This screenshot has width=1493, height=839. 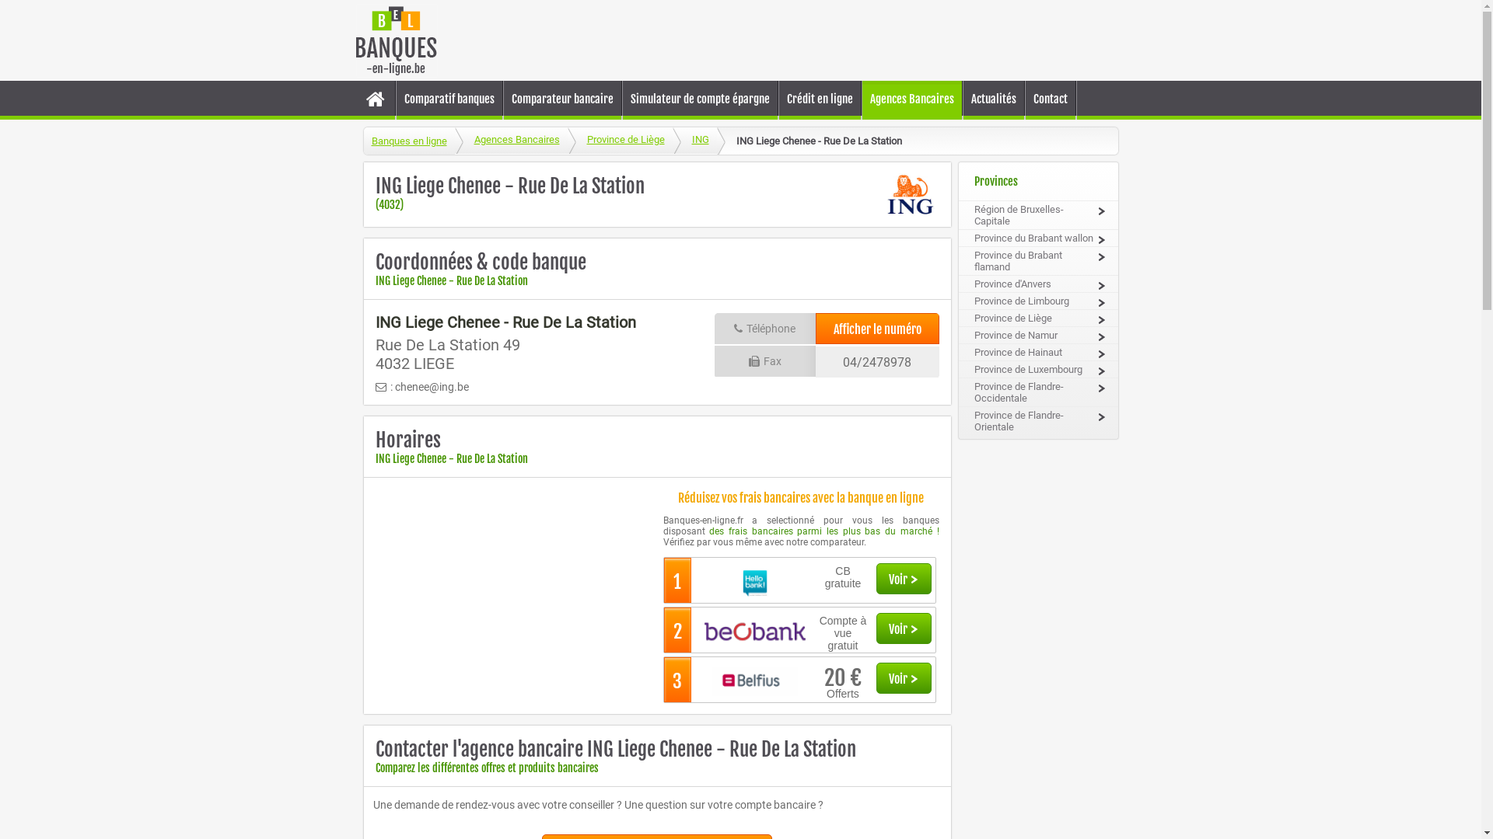 I want to click on 'logo_Hello_Bank2727.jpg', so click(x=754, y=582).